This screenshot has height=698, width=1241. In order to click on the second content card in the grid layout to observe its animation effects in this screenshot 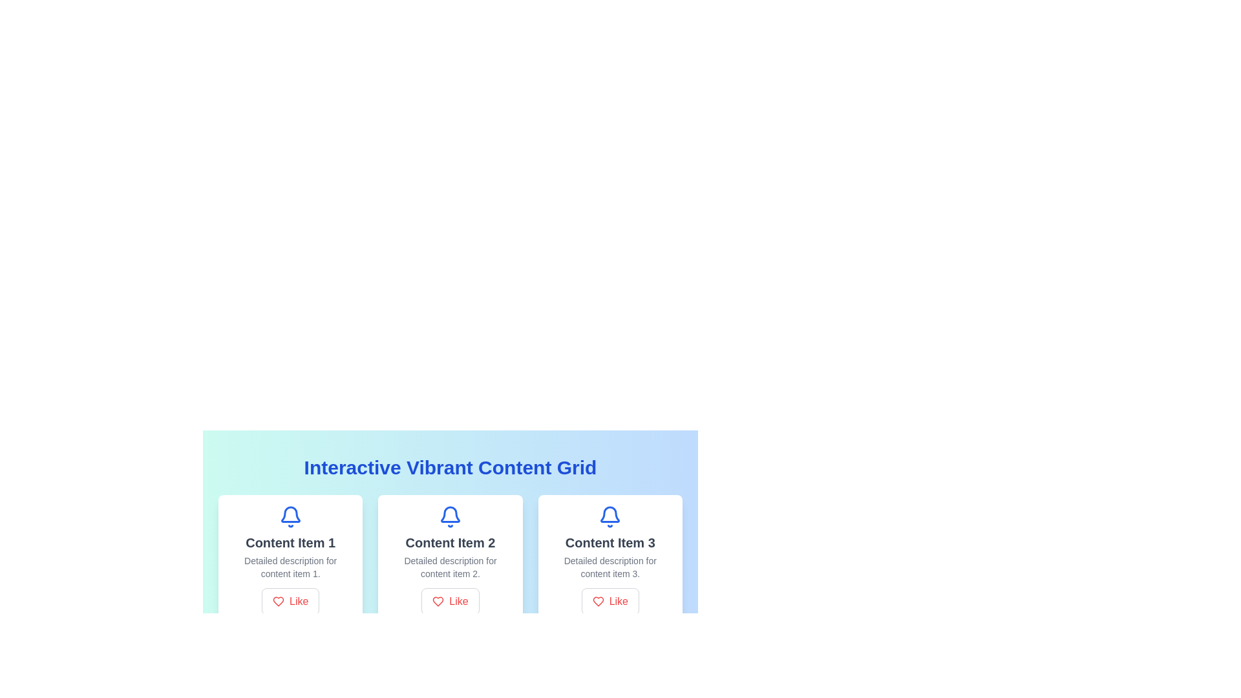, I will do `click(450, 560)`.